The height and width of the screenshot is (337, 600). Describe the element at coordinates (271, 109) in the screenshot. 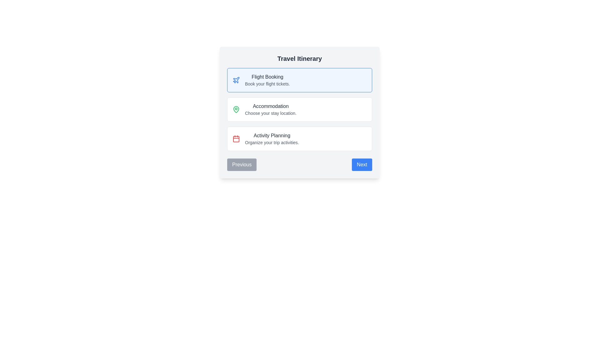

I see `the 'Accommodation' text label located centrally under the 'Travel Itinerary' section` at that location.